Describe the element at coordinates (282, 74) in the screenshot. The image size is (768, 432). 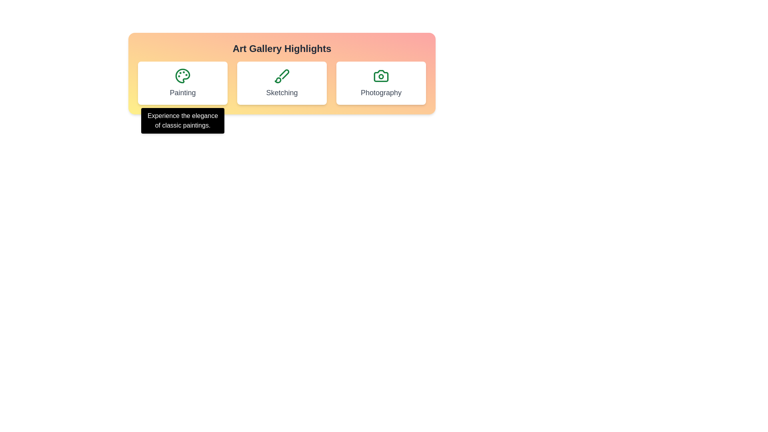
I see `the rectangular section with a gradient background titled 'Art Gallery Highlights'` at that location.